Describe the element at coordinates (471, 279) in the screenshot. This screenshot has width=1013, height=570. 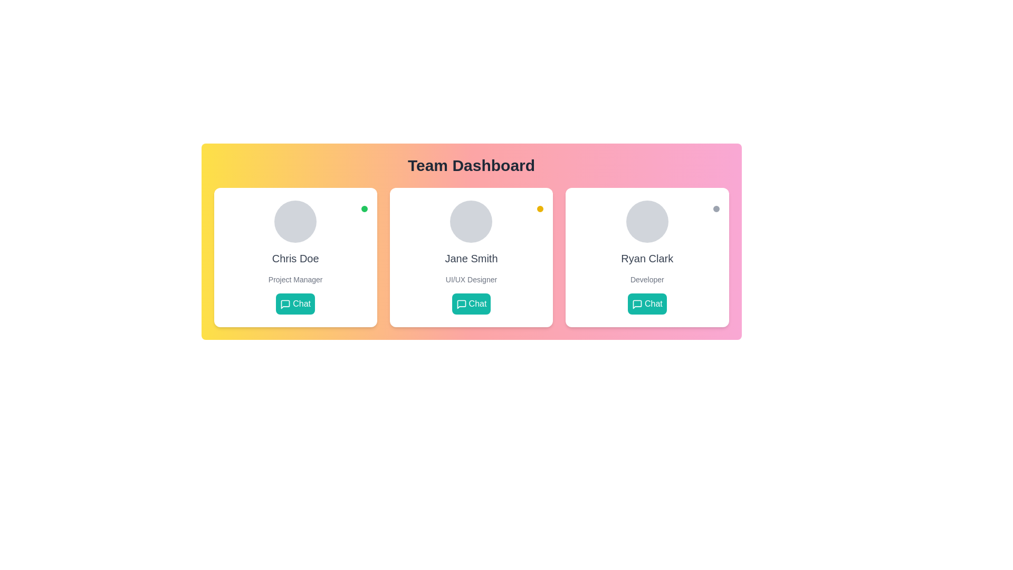
I see `text label that displays 'UI/UX Designer', which is styled in light gray and located beneath the name 'Jane Smith' in the second card from the left` at that location.